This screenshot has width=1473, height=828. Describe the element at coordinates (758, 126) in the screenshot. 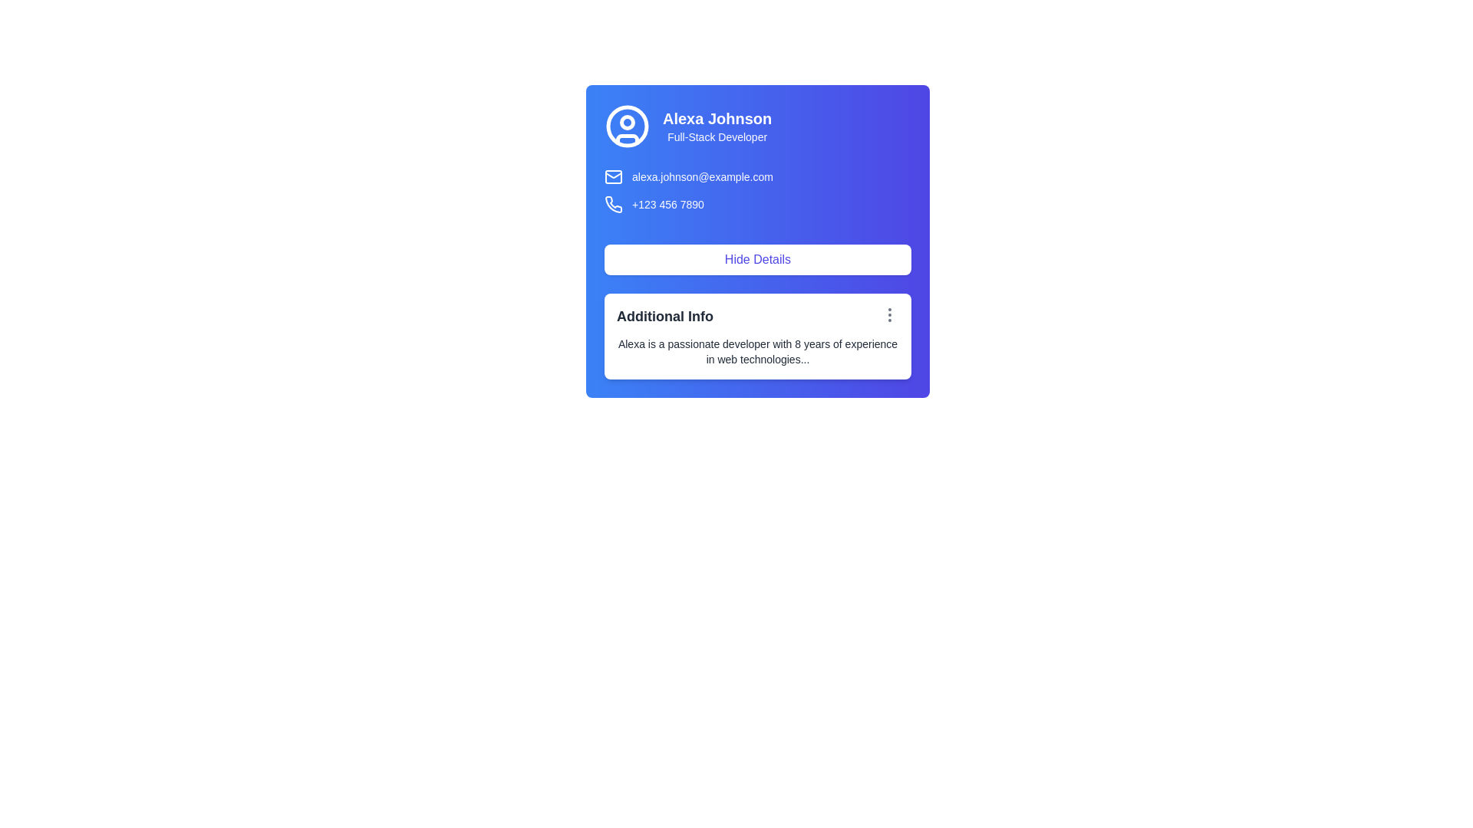

I see `textual content of the profile information component featuring 'Alexa Johnson' and 'Full-Stack Developer', which is positioned at the topmost section of the card next to an avatar icon` at that location.